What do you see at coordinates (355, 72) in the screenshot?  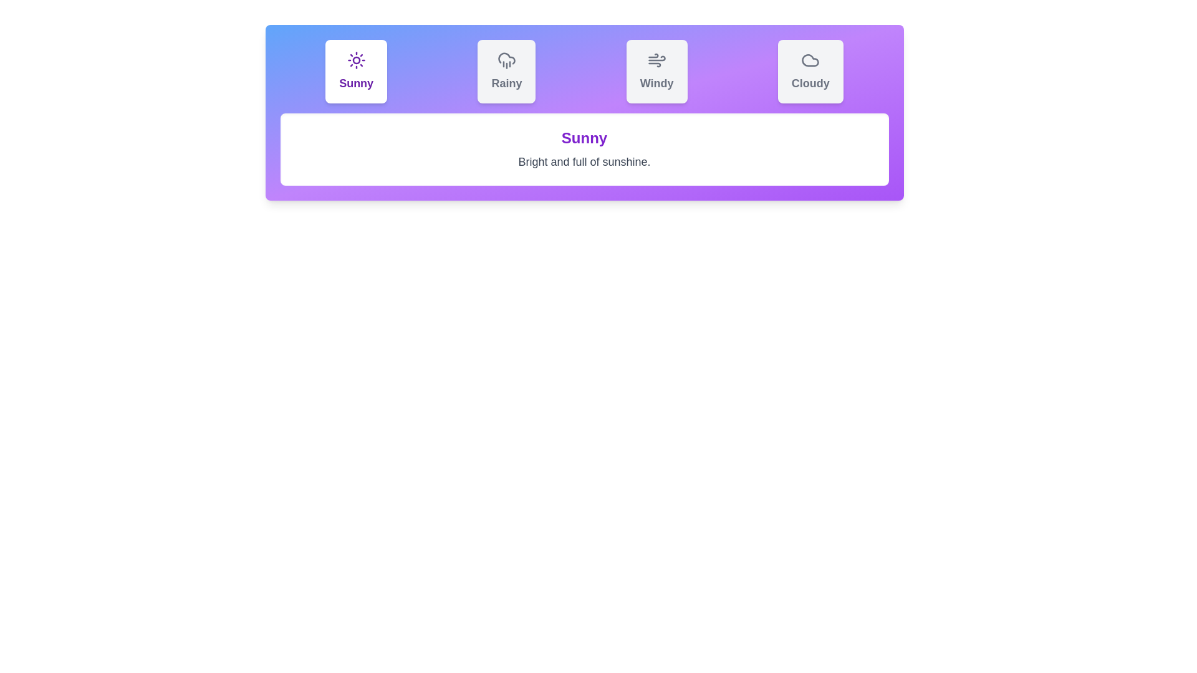 I see `the Sunny tab to view its weather condition` at bounding box center [355, 72].